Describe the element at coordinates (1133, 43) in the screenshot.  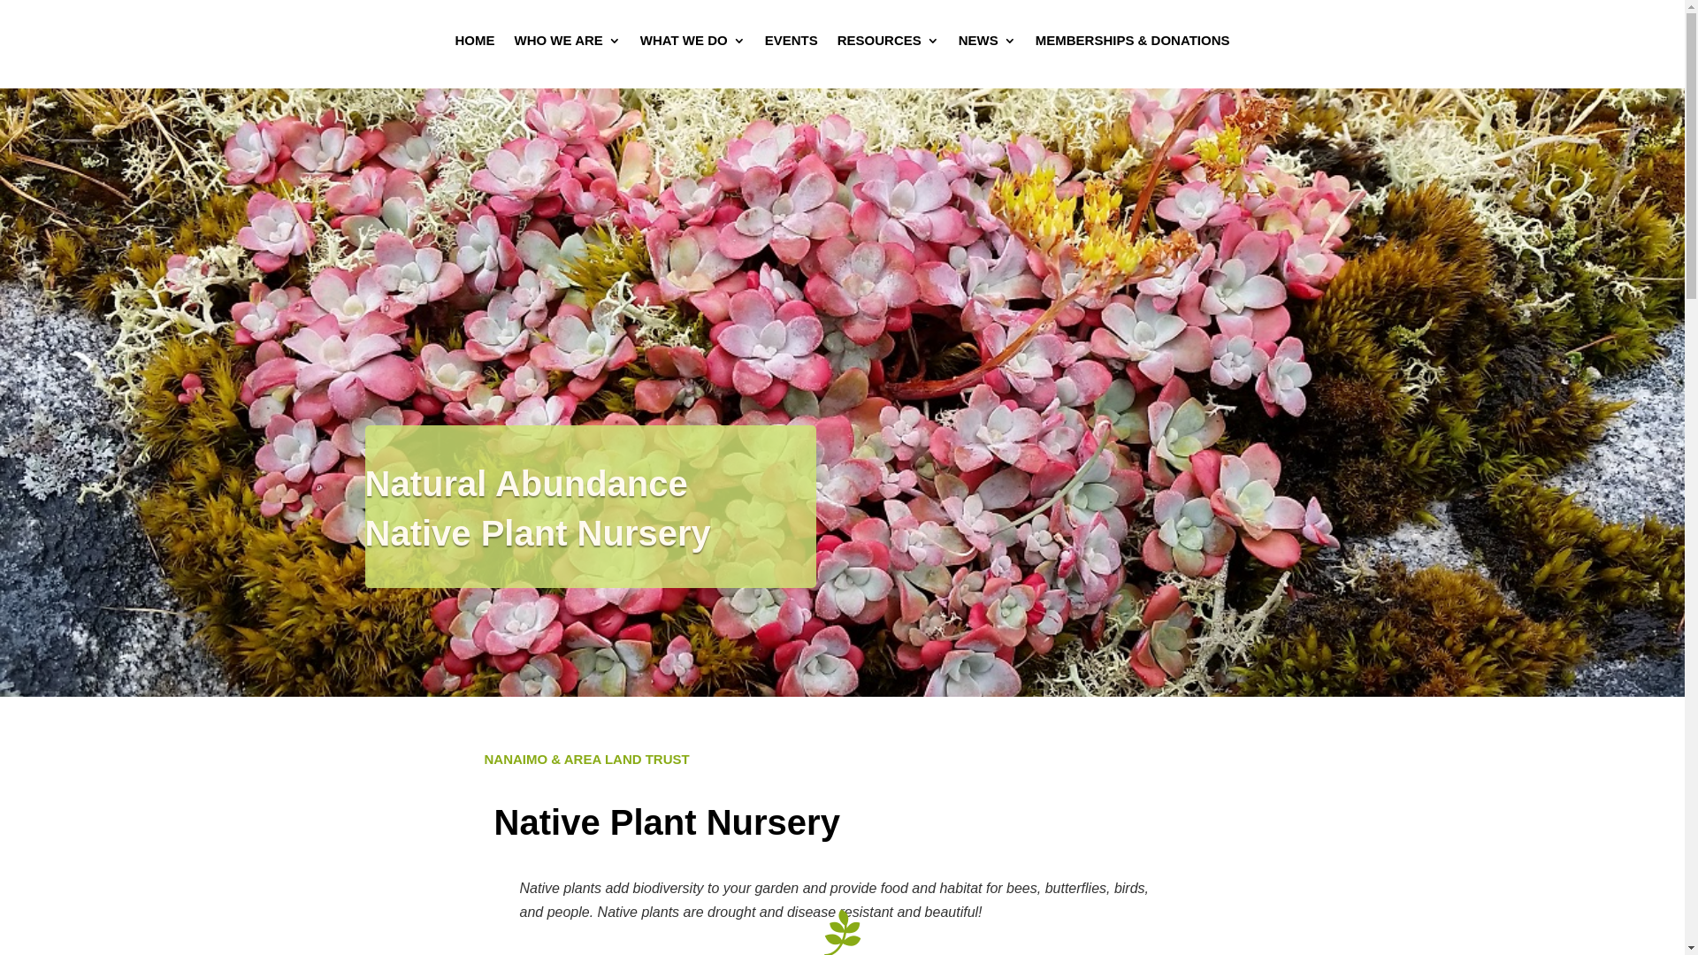
I see `'MEMBERSHIPS & DONATIONS'` at that location.